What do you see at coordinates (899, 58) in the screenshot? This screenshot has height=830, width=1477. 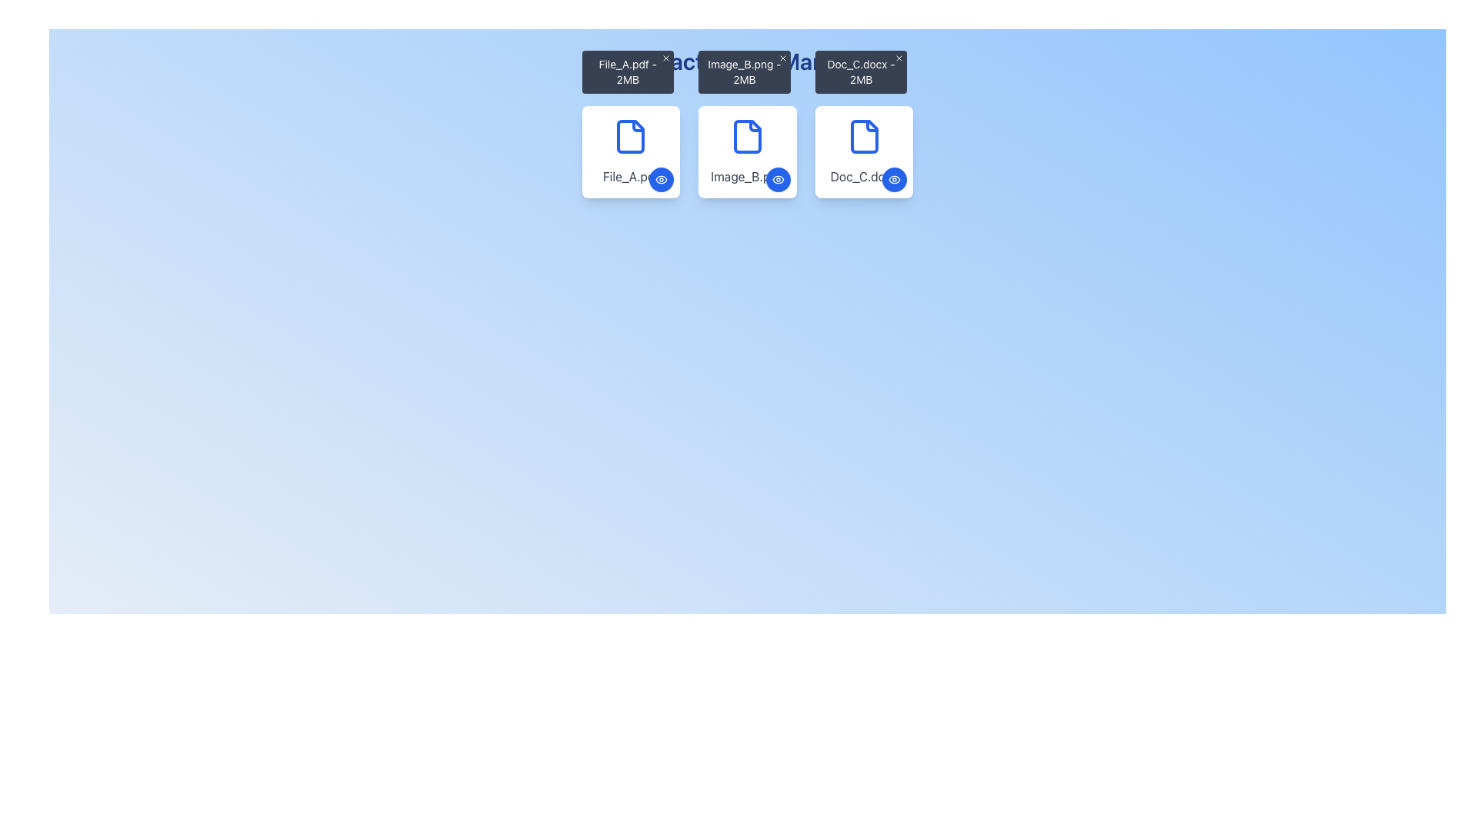 I see `the keyboard interaction on the close icon 'X' button located at the top-right corner of the tooltip displaying 'Doc_C.docx - 2MB'` at bounding box center [899, 58].